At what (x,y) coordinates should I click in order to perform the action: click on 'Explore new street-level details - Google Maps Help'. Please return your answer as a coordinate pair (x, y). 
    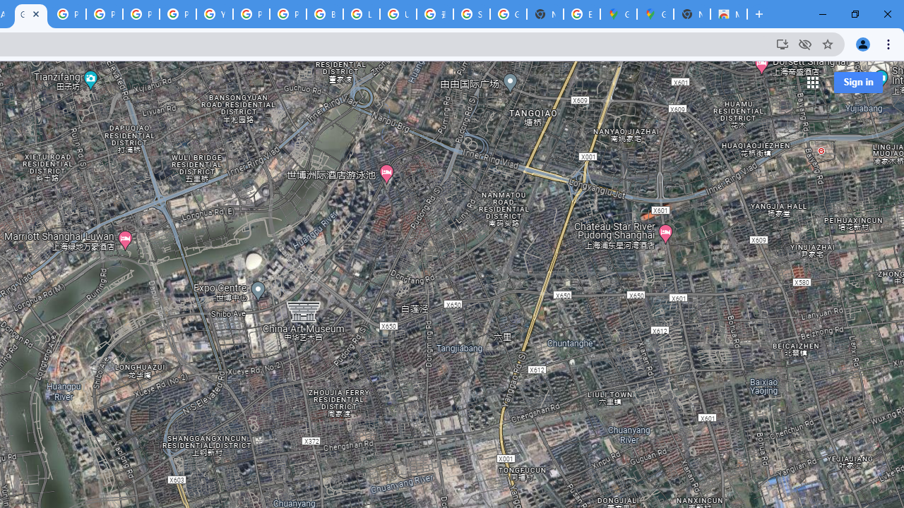
    Looking at the image, I should click on (581, 14).